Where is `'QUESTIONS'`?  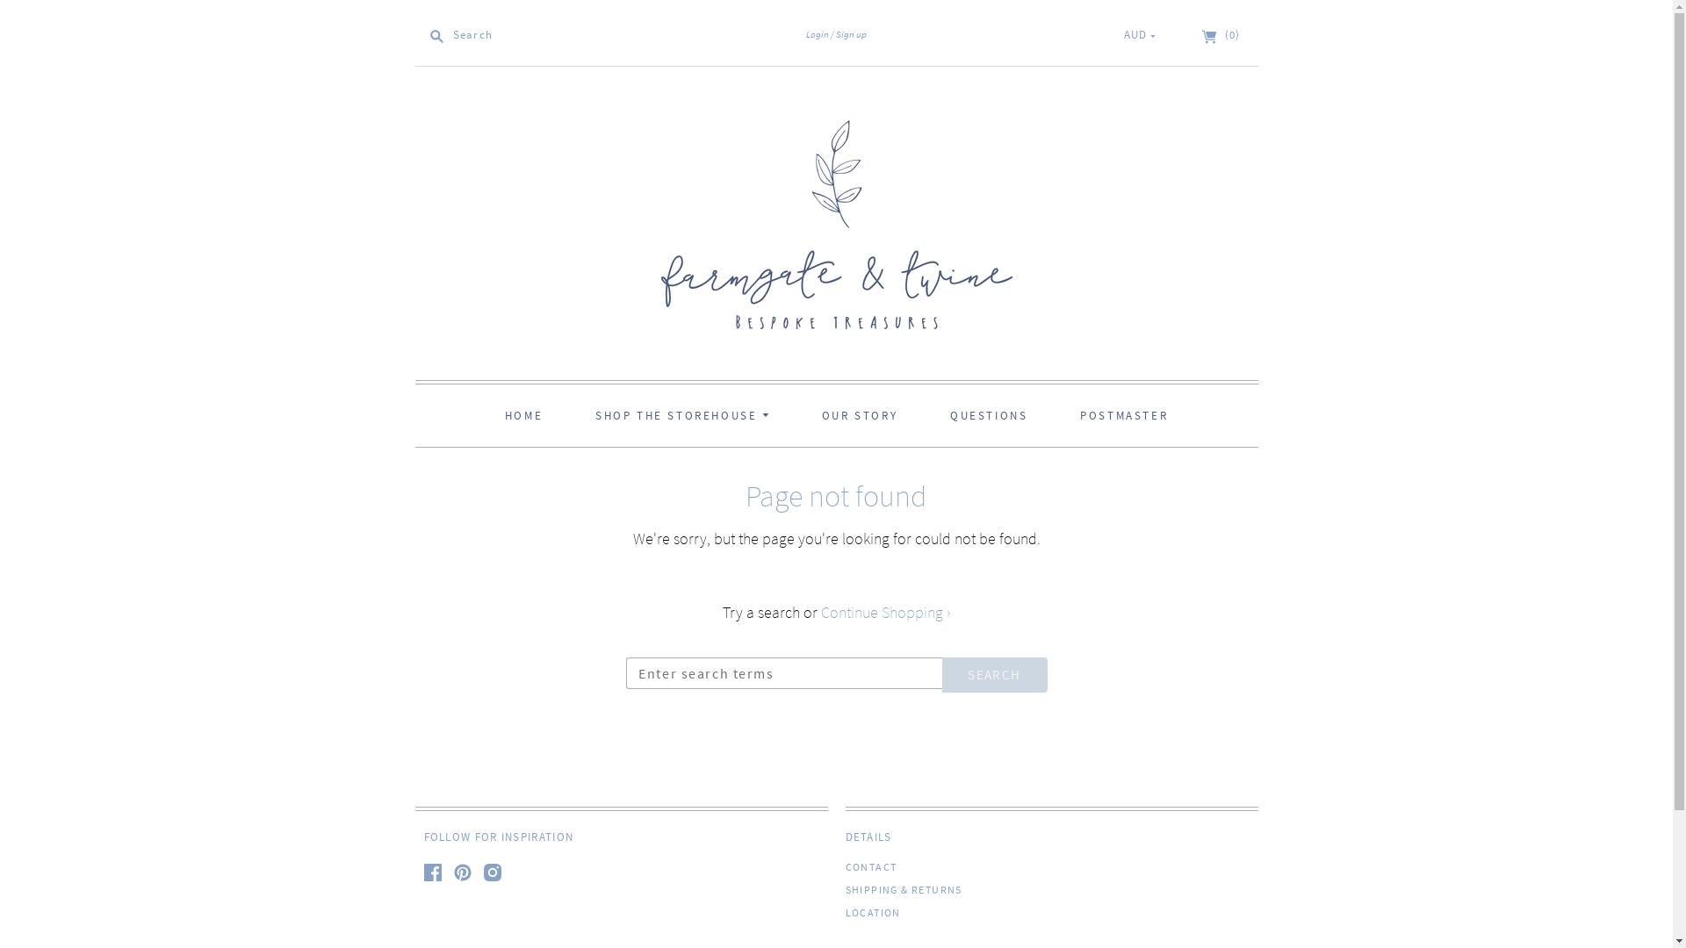 'QUESTIONS' is located at coordinates (989, 415).